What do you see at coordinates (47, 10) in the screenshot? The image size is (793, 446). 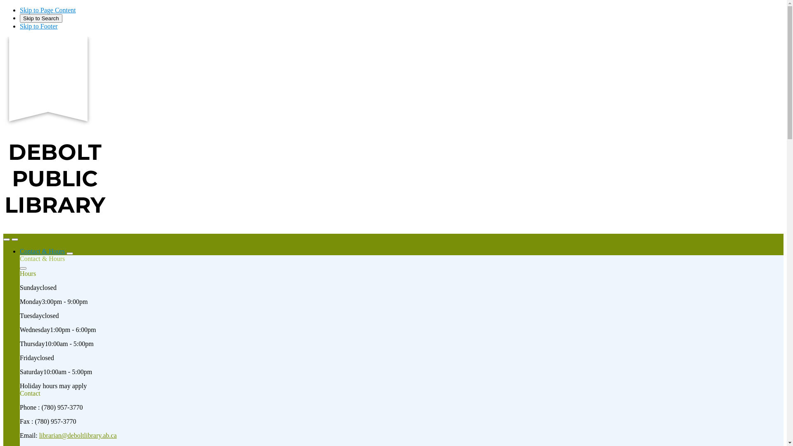 I see `'Skip to Page Content'` at bounding box center [47, 10].